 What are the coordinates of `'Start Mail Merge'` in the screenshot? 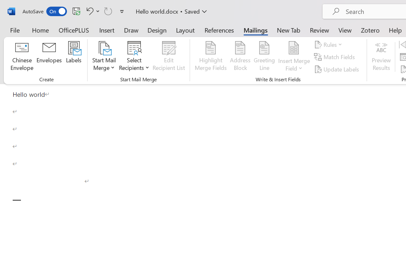 It's located at (104, 57).